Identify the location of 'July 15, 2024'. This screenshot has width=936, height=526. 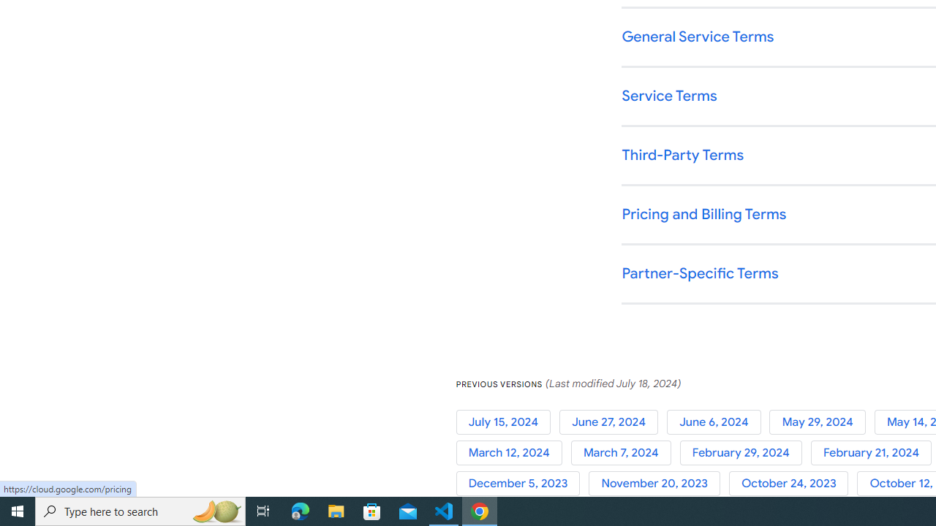
(507, 422).